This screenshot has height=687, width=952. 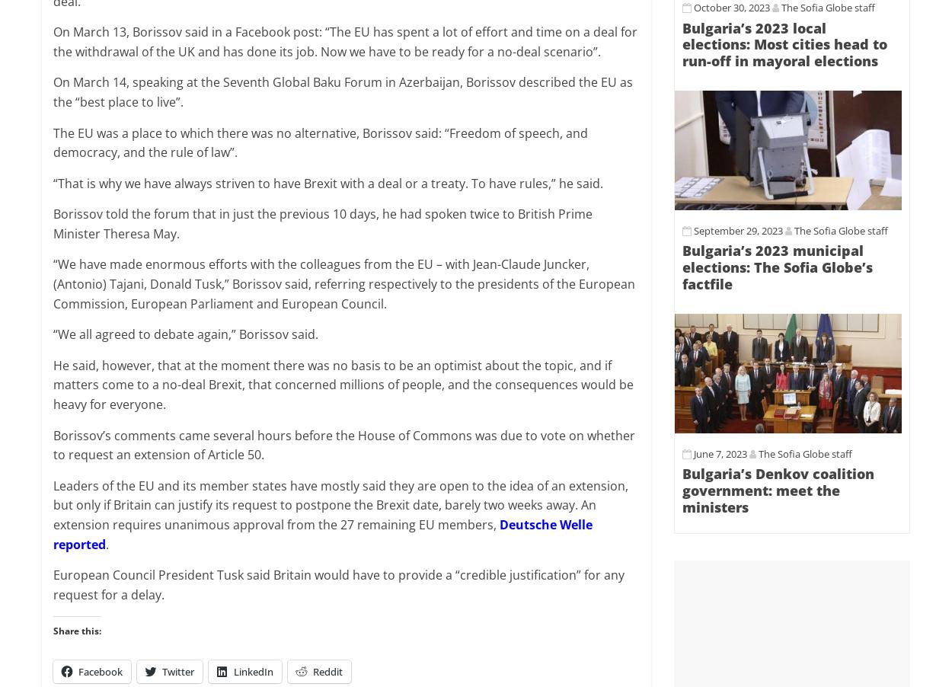 I want to click on 'Bulgaria’s 2023 local elections: Most cities head to run-off in mayoral elections', so click(x=784, y=43).